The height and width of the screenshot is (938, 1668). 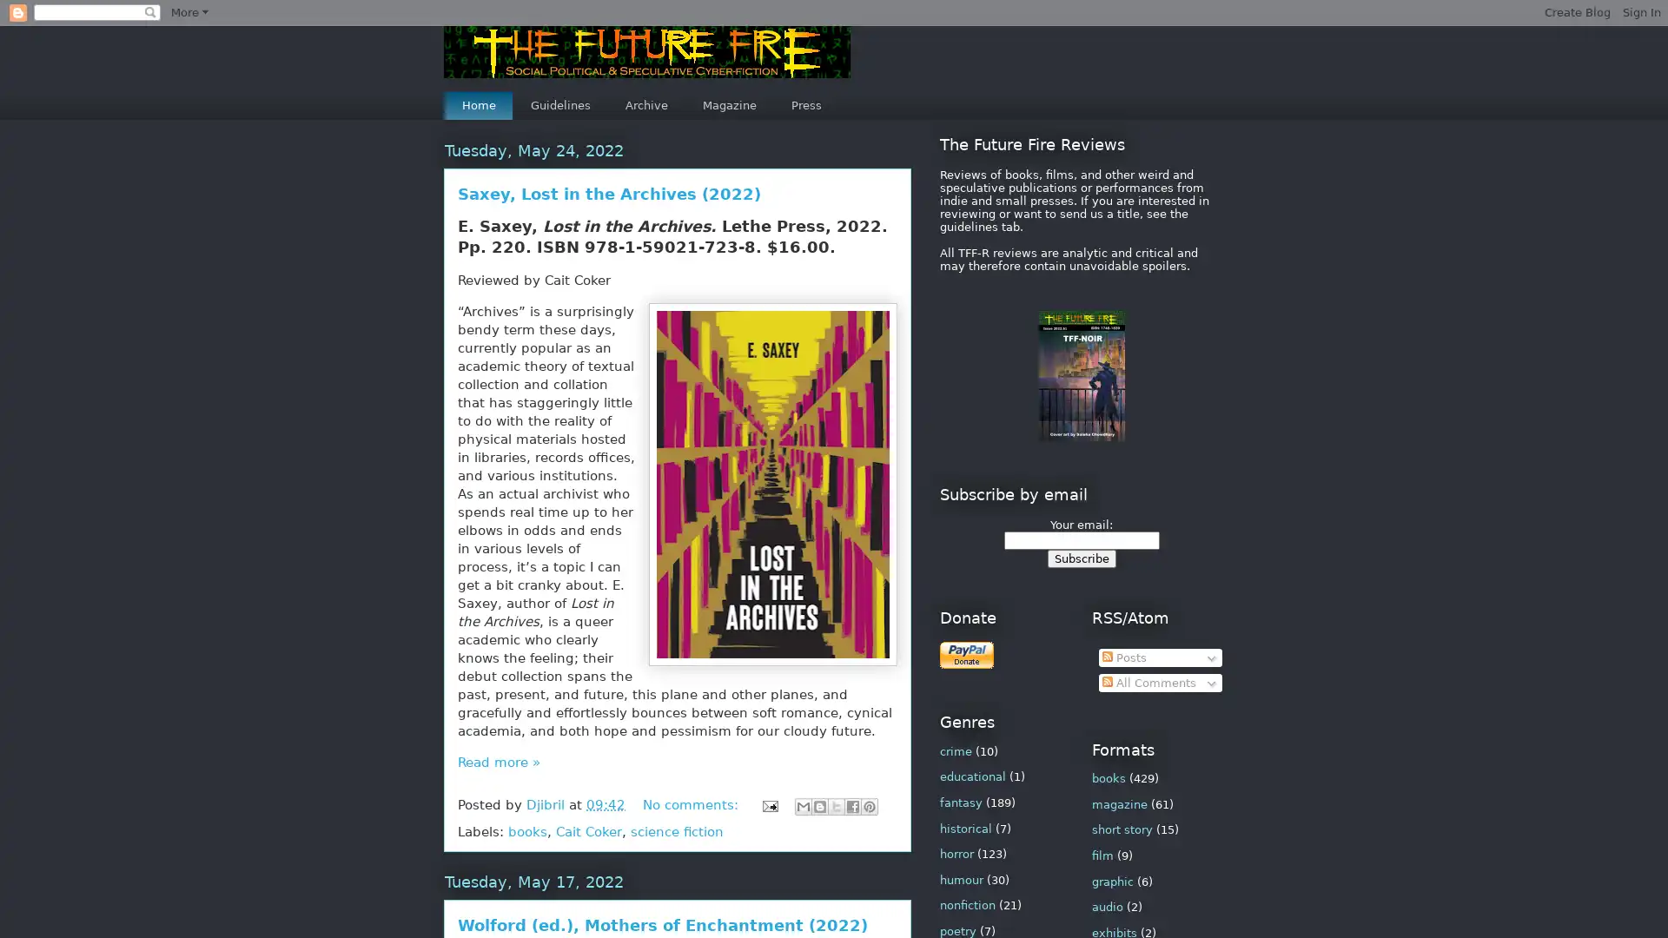 What do you see at coordinates (1080, 558) in the screenshot?
I see `Subscribe` at bounding box center [1080, 558].